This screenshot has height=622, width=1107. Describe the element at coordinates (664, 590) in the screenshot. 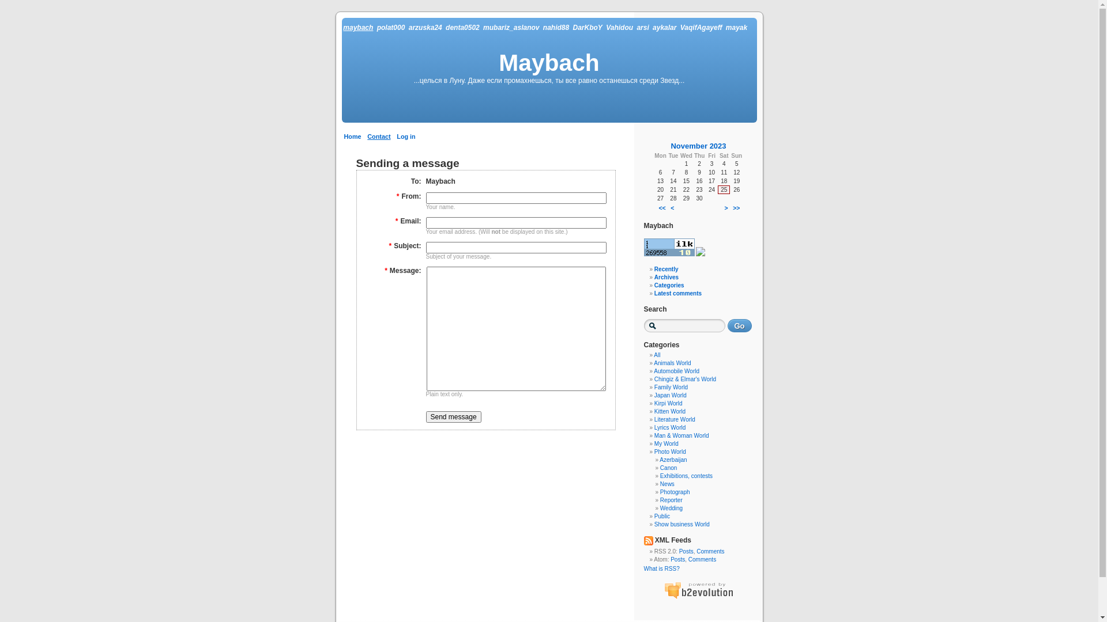

I see `'b2evolution: next generation blog software'` at that location.